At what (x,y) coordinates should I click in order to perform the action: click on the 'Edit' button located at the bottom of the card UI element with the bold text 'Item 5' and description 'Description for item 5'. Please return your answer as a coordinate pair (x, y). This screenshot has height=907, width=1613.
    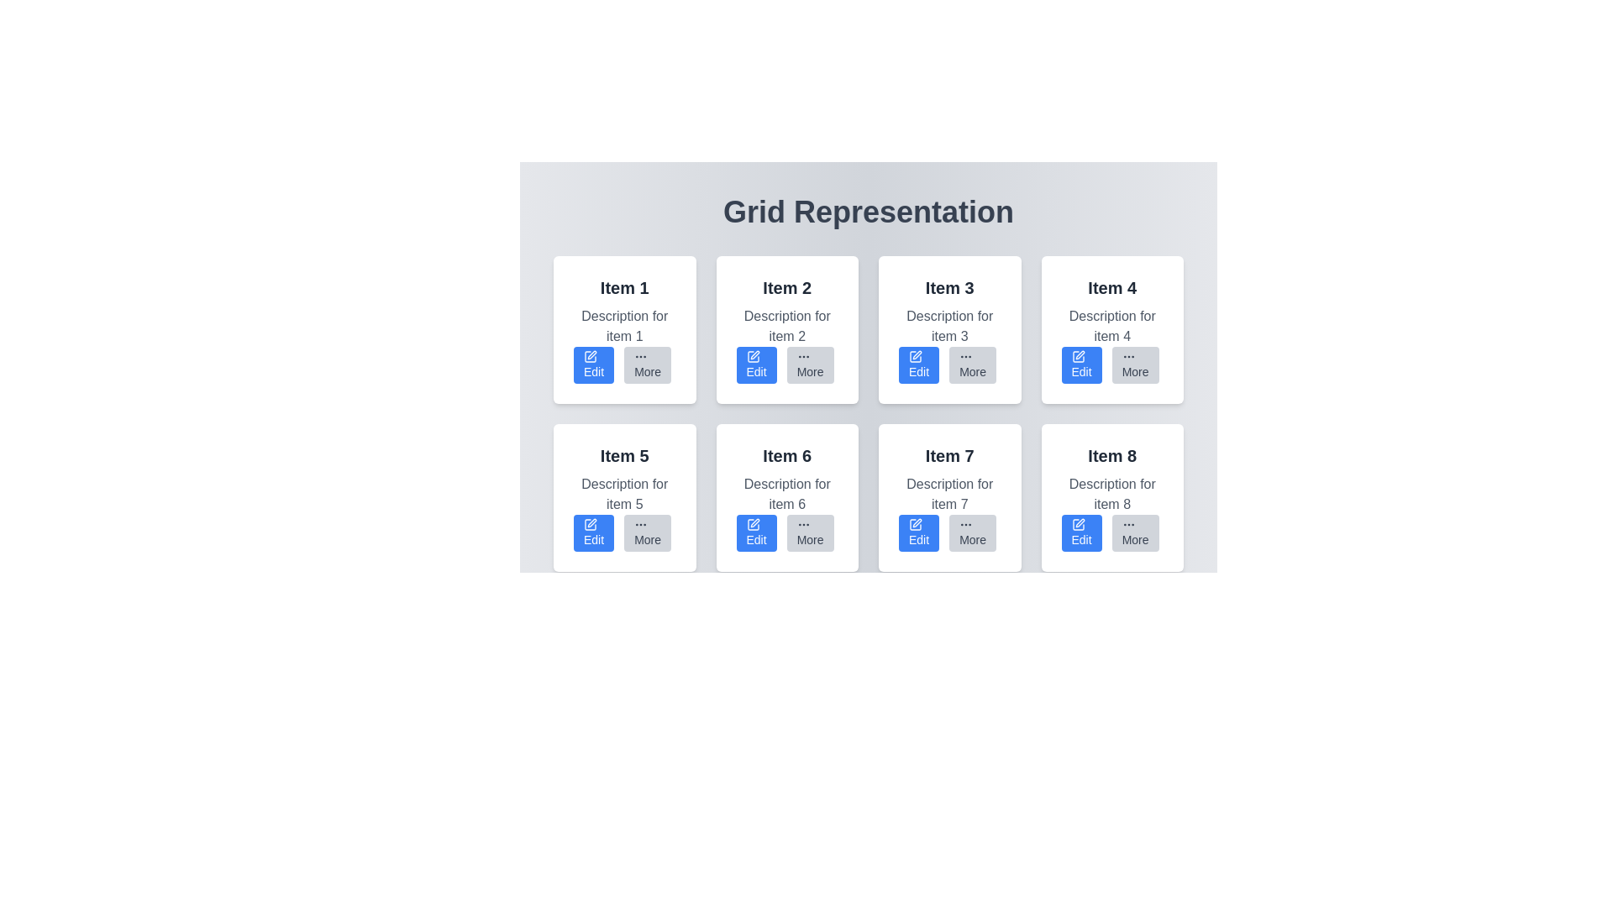
    Looking at the image, I should click on (623, 497).